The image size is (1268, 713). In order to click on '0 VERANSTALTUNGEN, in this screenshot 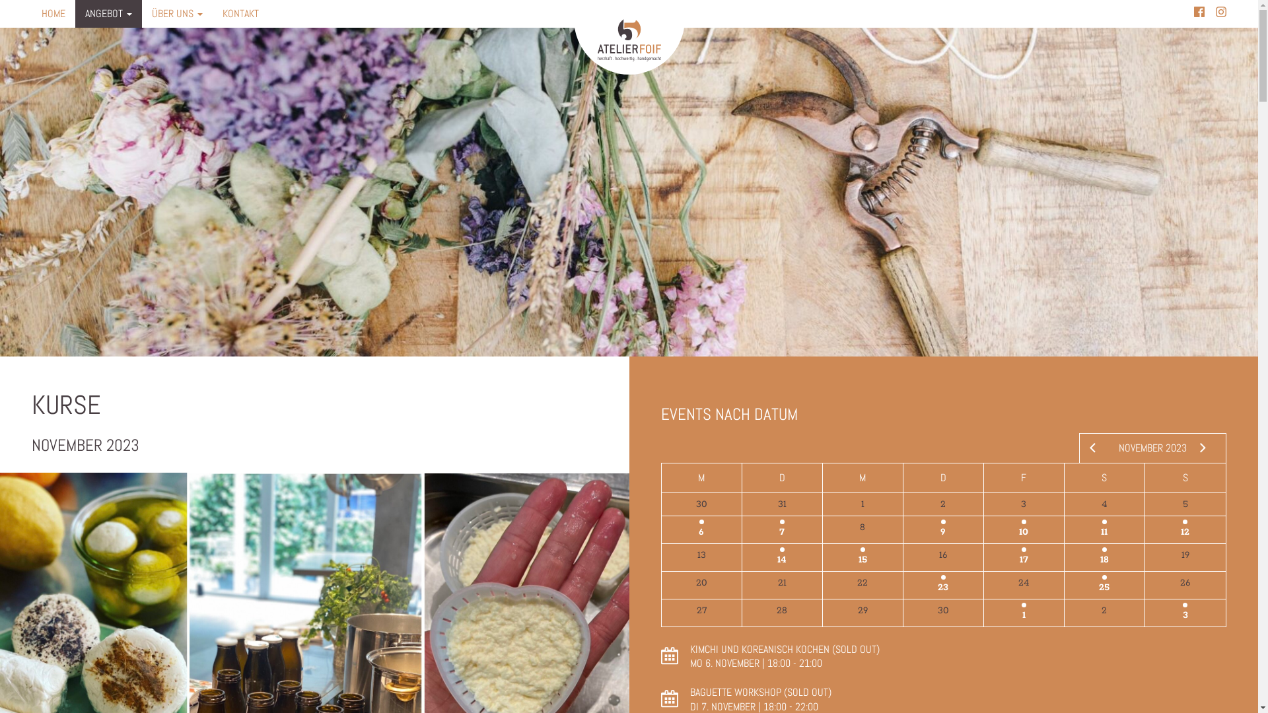, I will do `click(1185, 584)`.